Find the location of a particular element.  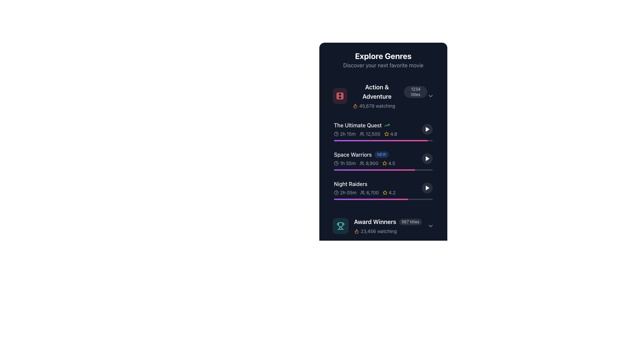

the right-facing chevron icon located at the far-right of the 'Award Winners' section, adjacent to the text '567 titles' and '23,456 watching' is located at coordinates (430, 226).